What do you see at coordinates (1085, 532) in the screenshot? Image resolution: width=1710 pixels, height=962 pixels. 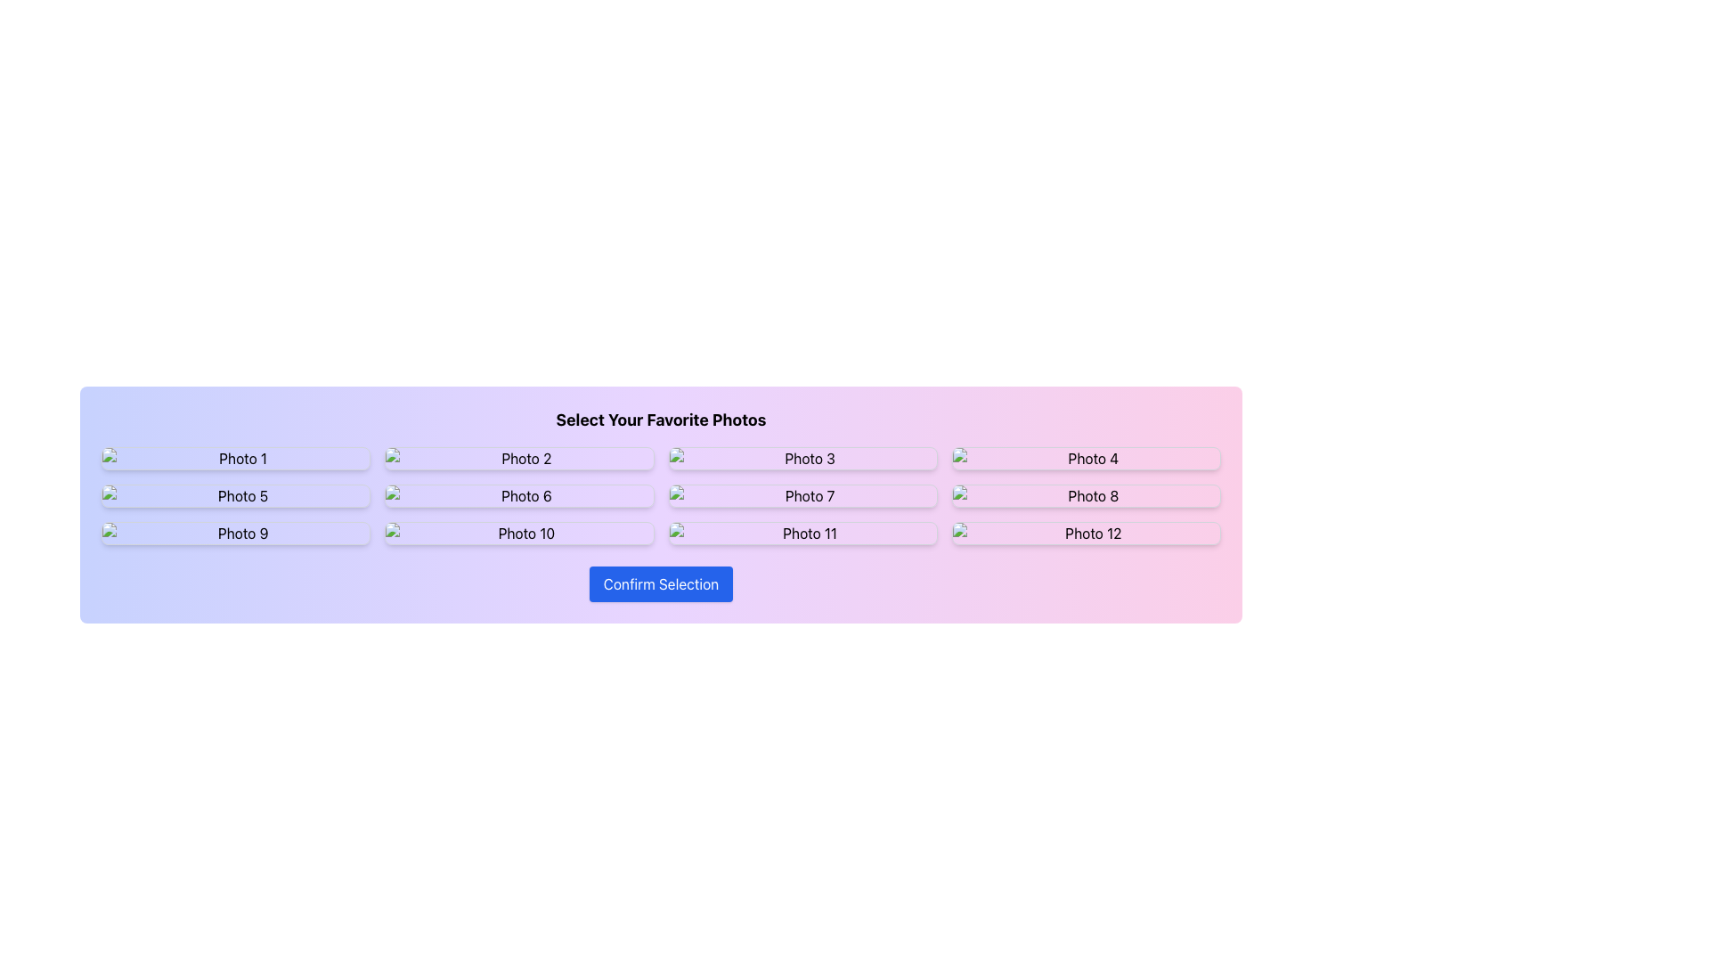 I see `to select the Interactive List Item labeled 'Photo 12', which is the fourth item in the fourth row of the grid layout, located above the 'Confirm Selection' button` at bounding box center [1085, 532].